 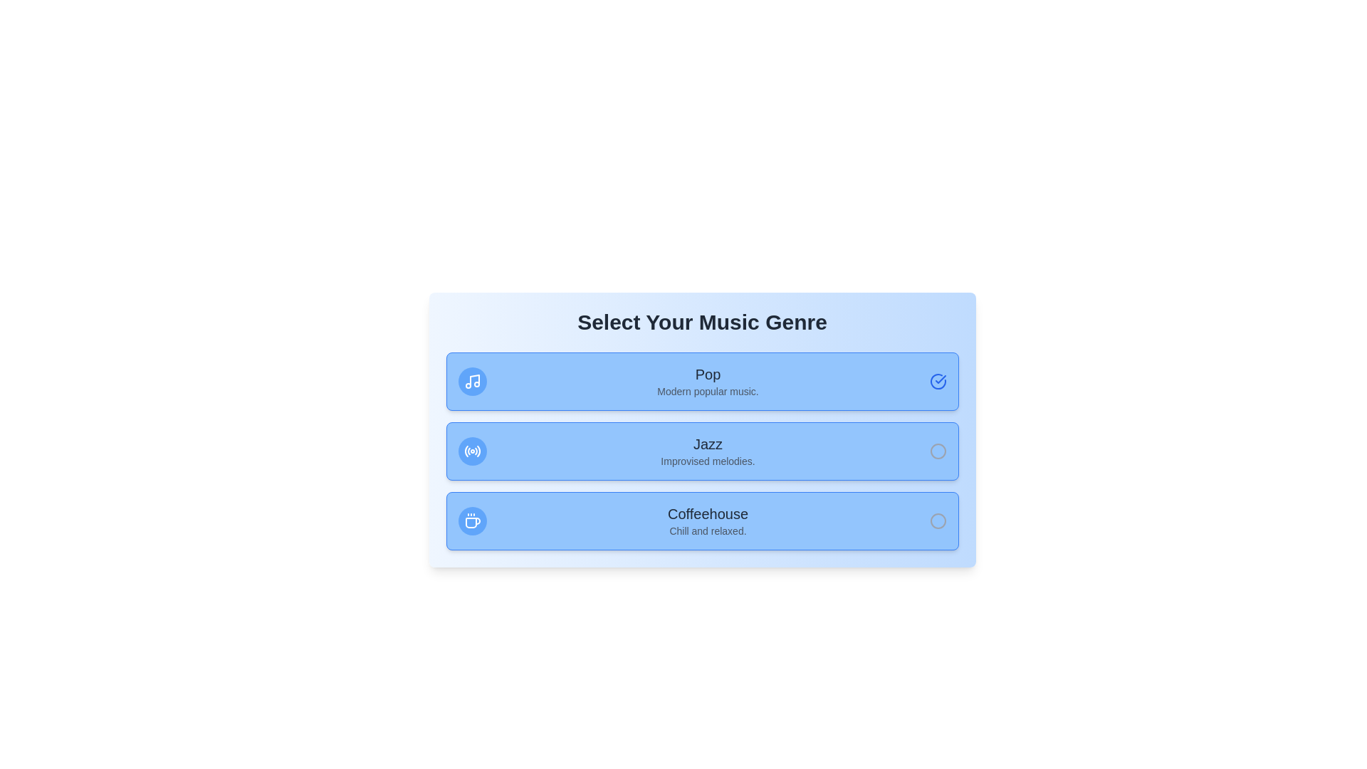 What do you see at coordinates (938, 381) in the screenshot?
I see `the blue circular icon with a checkmark inside, located at the far right of the 'Pop - Modern popular music.' card` at bounding box center [938, 381].